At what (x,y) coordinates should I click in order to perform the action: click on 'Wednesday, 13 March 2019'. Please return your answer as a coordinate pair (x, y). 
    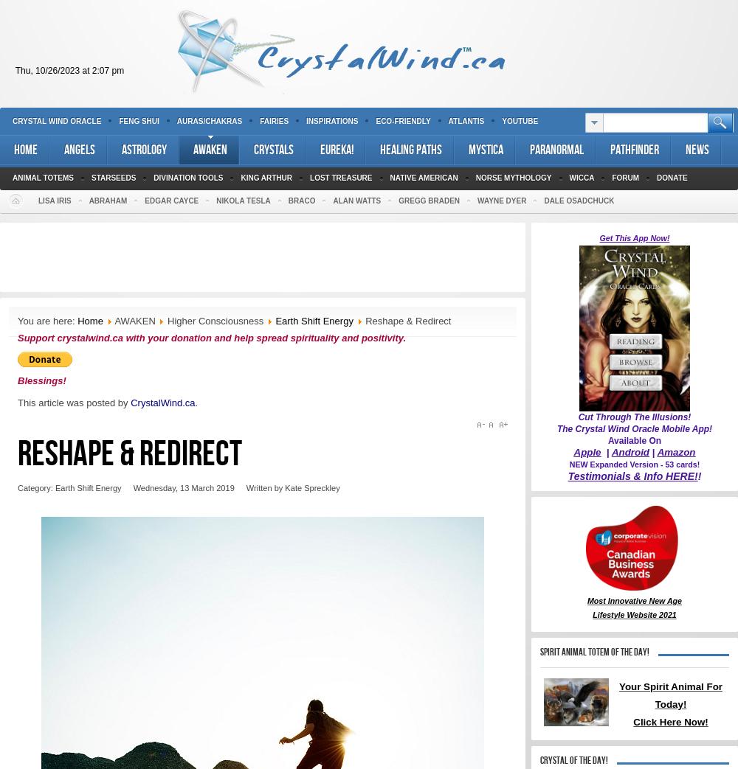
    Looking at the image, I should click on (182, 486).